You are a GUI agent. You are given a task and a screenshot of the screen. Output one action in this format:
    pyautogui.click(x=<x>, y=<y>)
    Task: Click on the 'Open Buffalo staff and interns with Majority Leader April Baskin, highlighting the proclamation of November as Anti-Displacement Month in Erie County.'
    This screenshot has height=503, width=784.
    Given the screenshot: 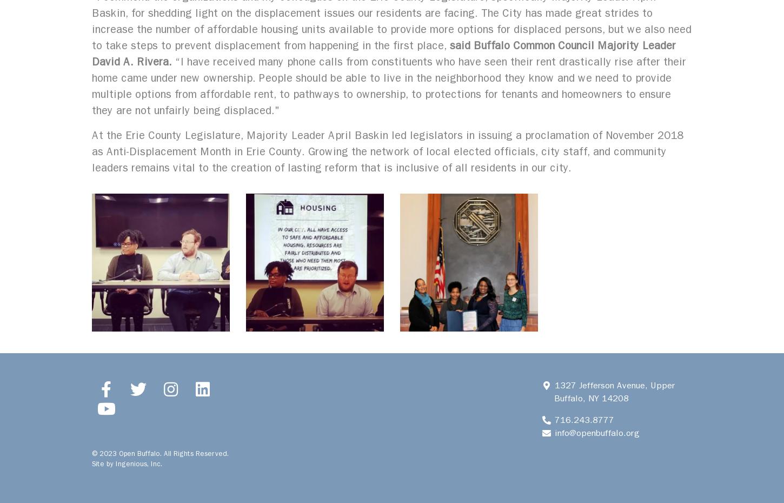 What is the action you would take?
    pyautogui.click(x=467, y=261)
    